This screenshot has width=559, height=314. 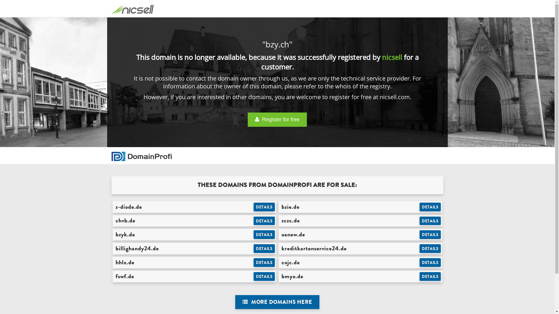 What do you see at coordinates (430, 249) in the screenshot?
I see `'DETAILS'` at bounding box center [430, 249].